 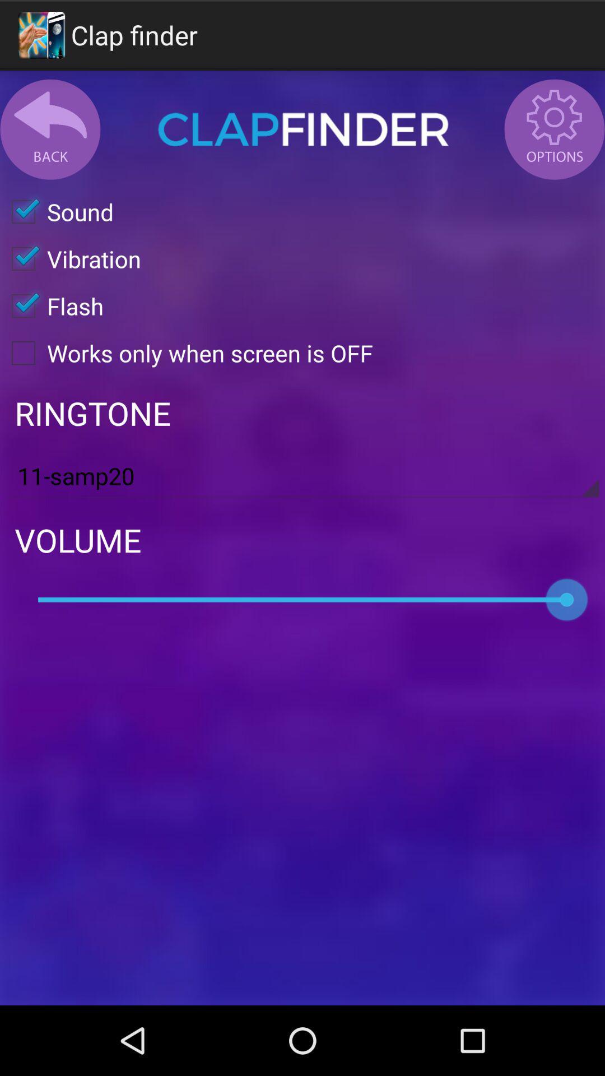 I want to click on the item above ringtone app, so click(x=185, y=352).